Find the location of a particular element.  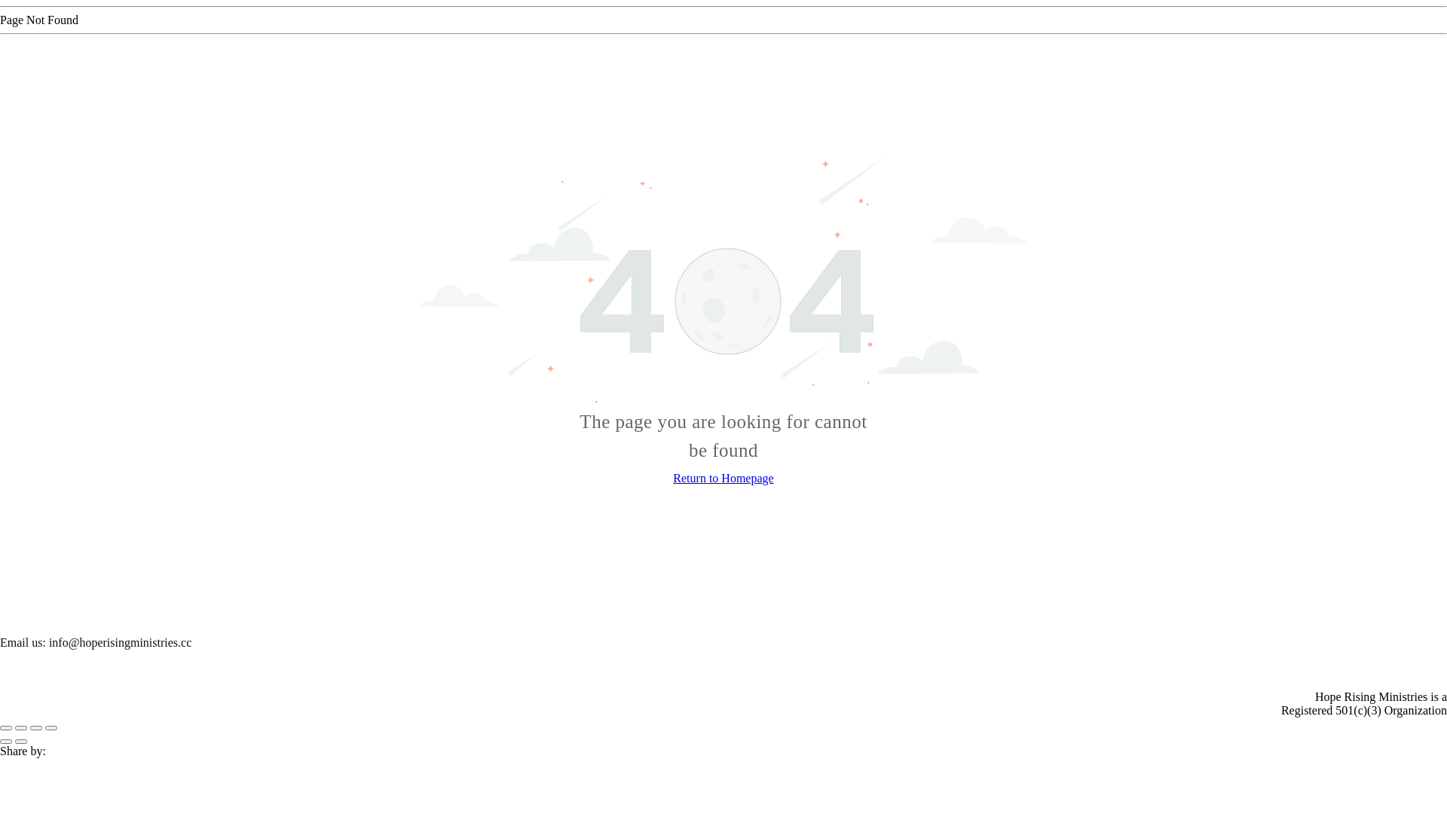

'Return to Homepage' is located at coordinates (722, 478).